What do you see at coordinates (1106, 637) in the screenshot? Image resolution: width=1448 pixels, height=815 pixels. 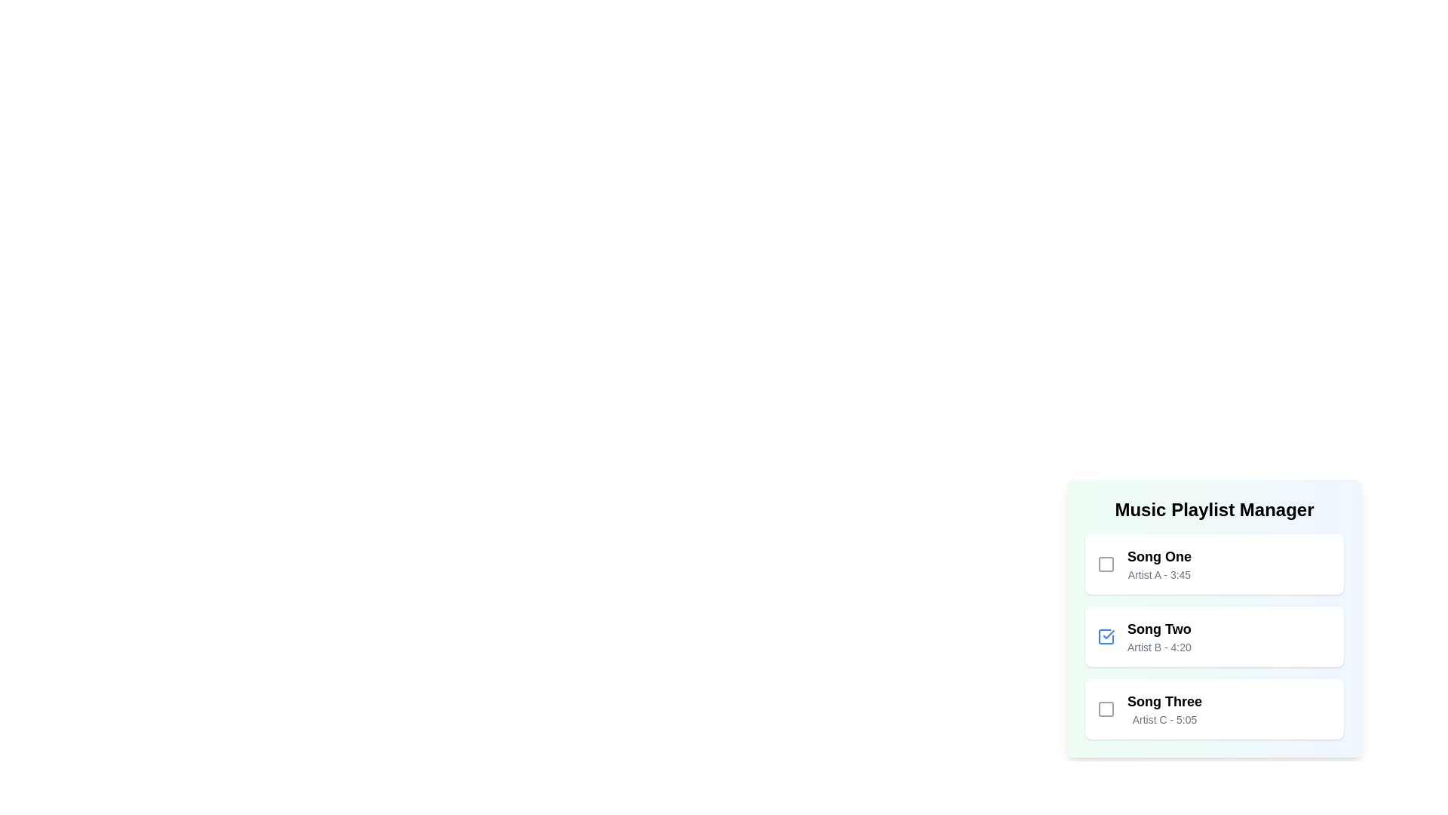 I see `the SVG graphical element representing the selected state of the checkbox for 'Song Two' in the 'Music Playlist Manager' interface` at bounding box center [1106, 637].